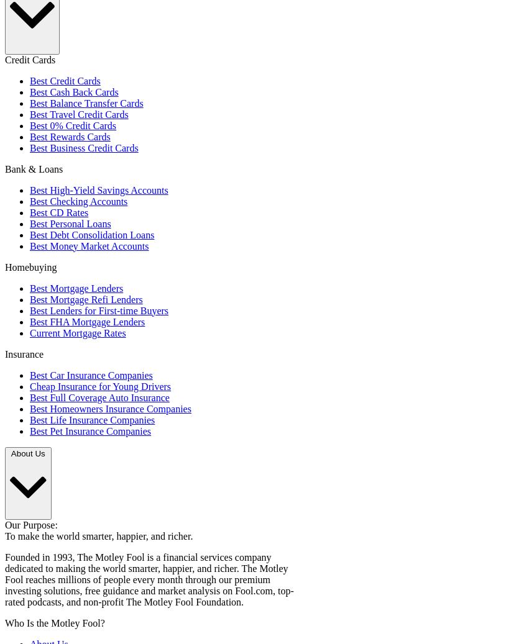 The width and height of the screenshot is (529, 644). I want to click on 'Best Homeowners Insurance Companies', so click(109, 408).